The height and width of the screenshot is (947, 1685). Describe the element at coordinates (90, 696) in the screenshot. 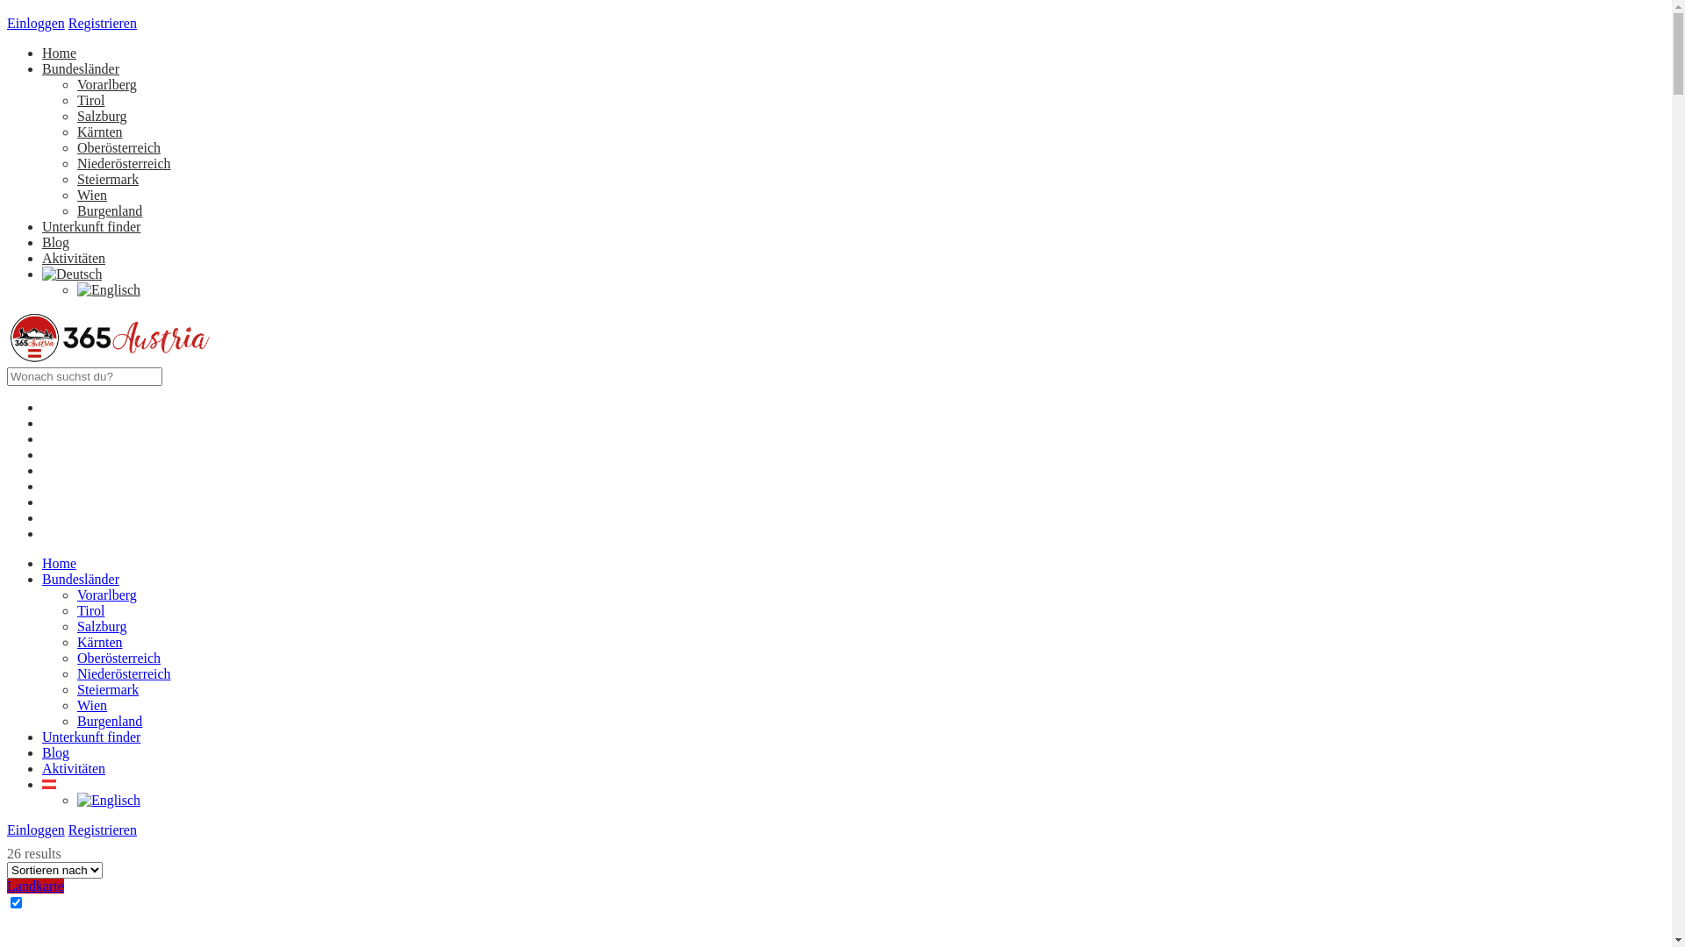

I see `'Unterkunft finder'` at that location.